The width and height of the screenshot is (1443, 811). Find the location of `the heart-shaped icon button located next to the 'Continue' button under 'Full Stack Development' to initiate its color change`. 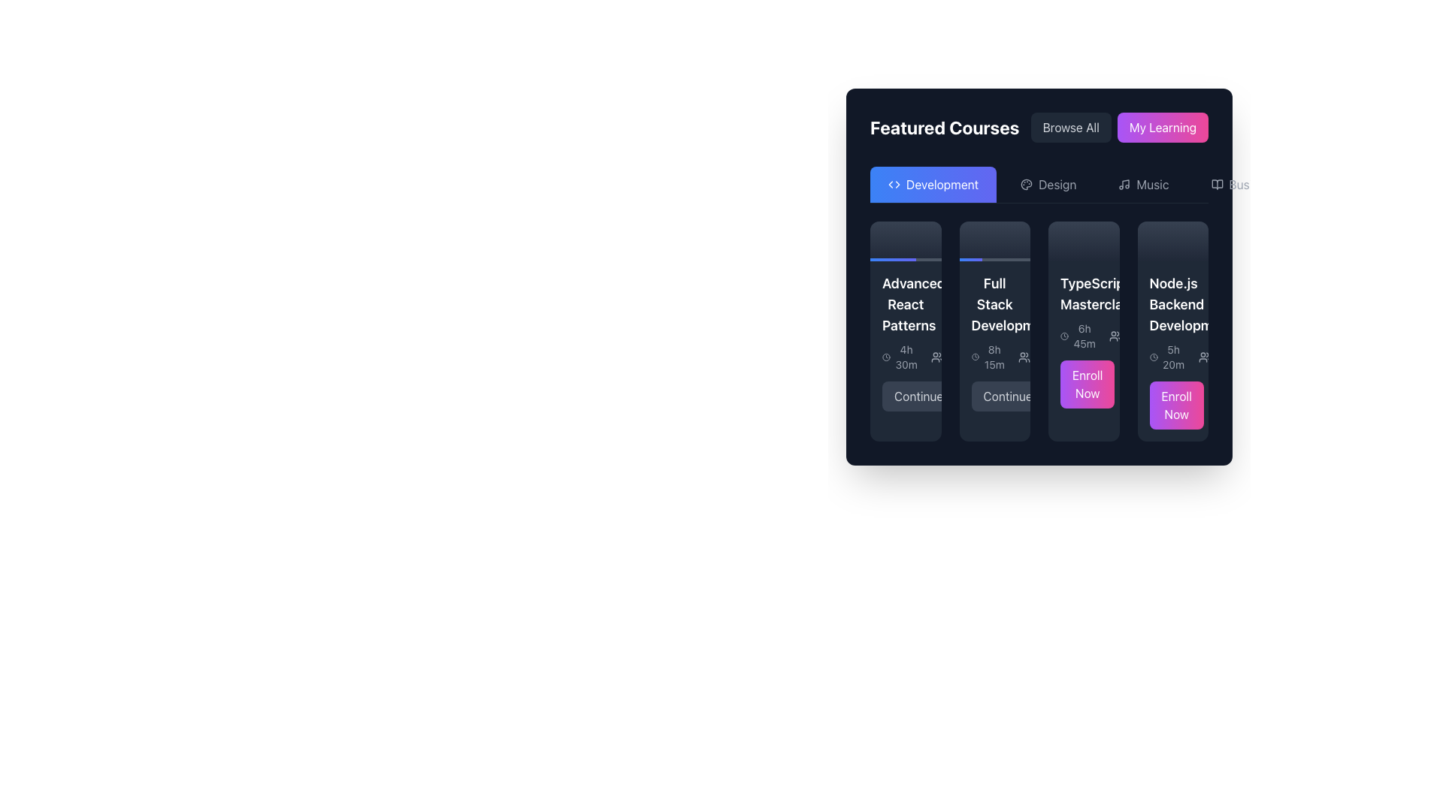

the heart-shaped icon button located next to the 'Continue' button under 'Full Stack Development' to initiate its color change is located at coordinates (969, 396).